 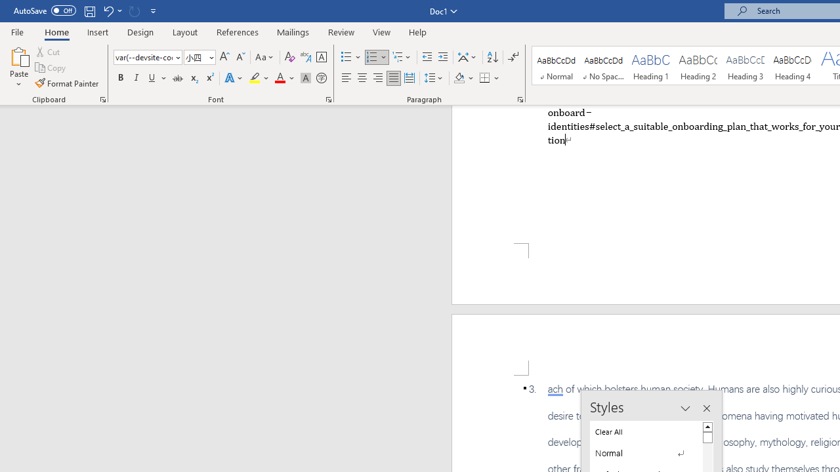 I want to click on 'Font...', so click(x=329, y=98).